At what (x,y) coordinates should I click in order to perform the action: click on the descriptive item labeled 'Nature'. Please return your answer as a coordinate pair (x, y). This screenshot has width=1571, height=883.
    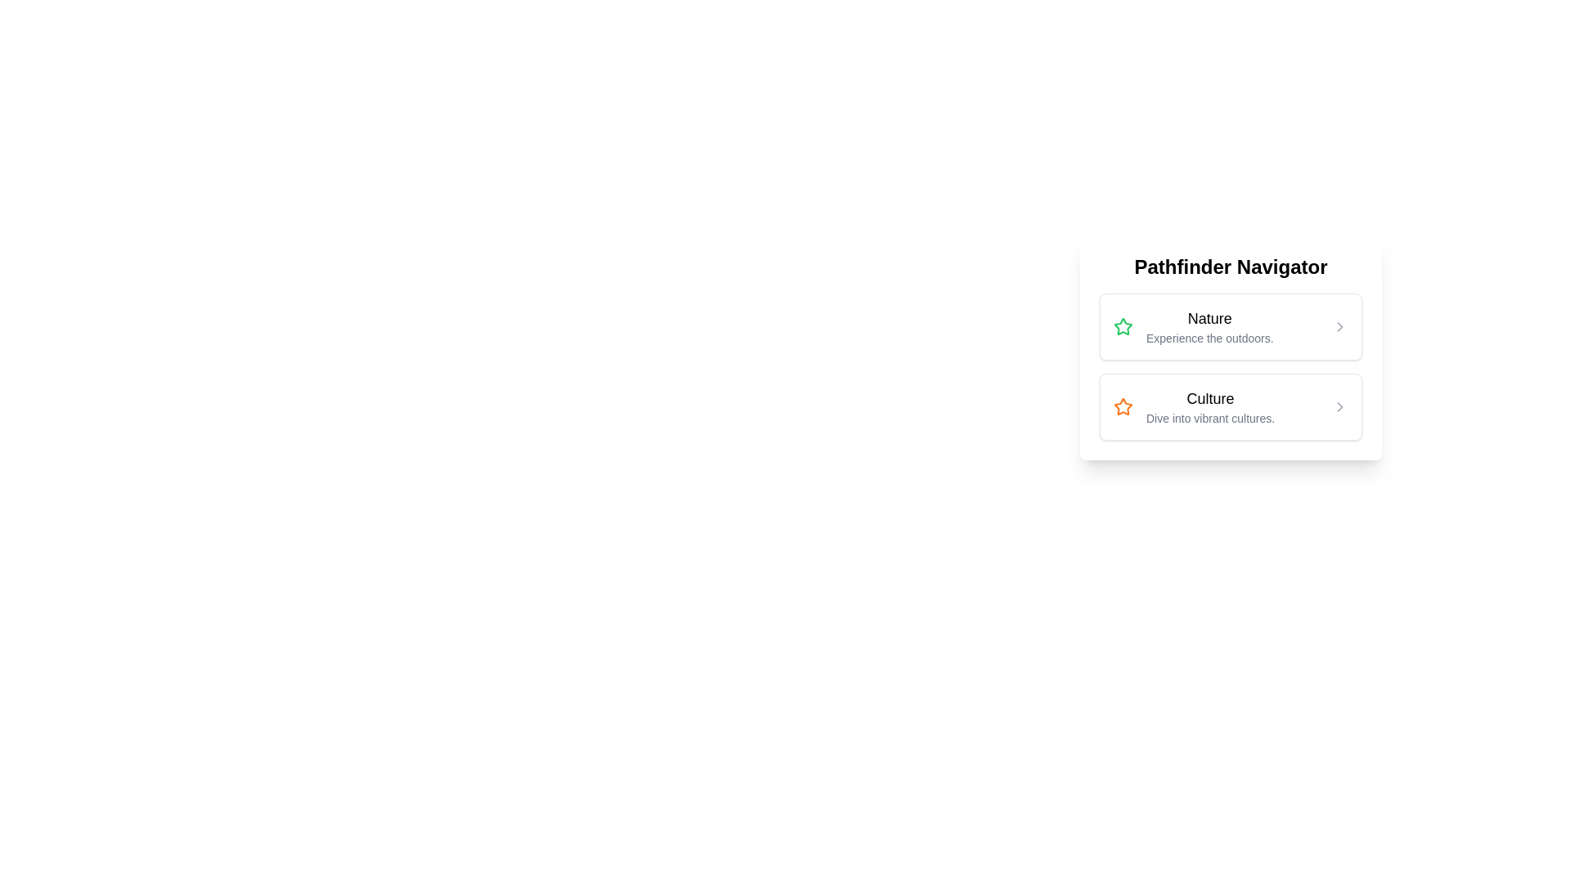
    Looking at the image, I should click on (1193, 327).